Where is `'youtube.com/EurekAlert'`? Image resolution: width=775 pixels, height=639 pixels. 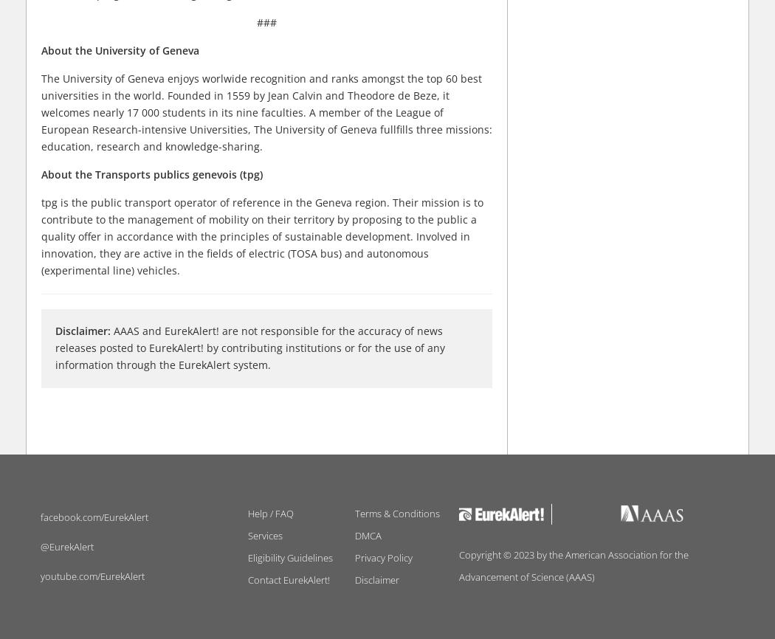
'youtube.com/EurekAlert' is located at coordinates (92, 575).